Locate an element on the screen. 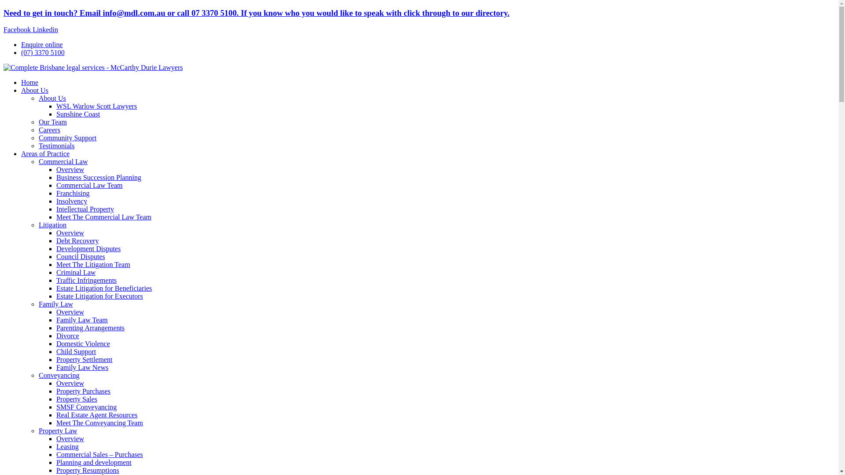  'Conveyancing' is located at coordinates (38, 375).